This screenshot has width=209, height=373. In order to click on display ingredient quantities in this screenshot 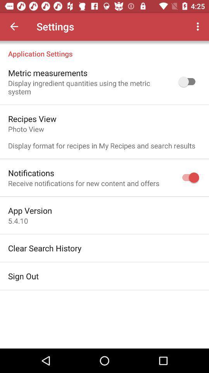, I will do `click(88, 87)`.